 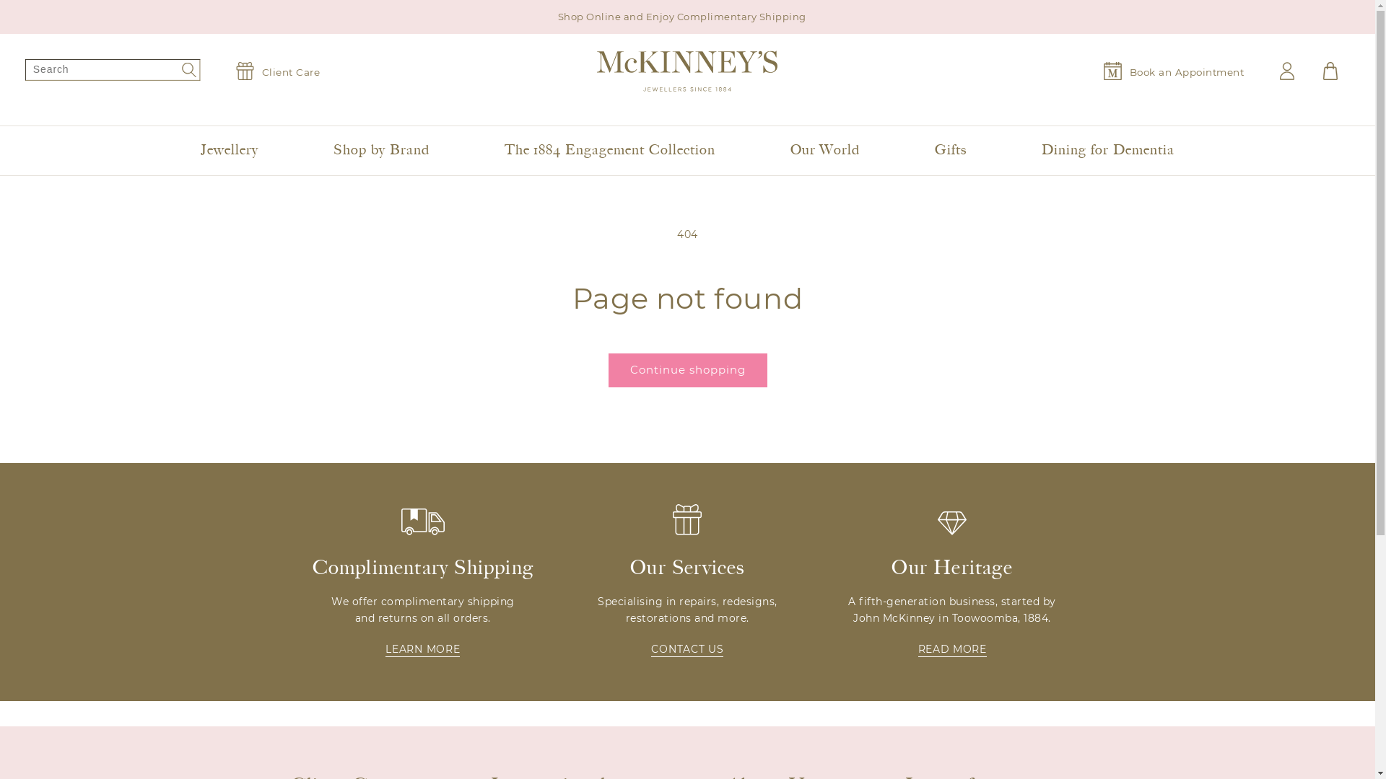 I want to click on 'READ MORE', so click(x=952, y=650).